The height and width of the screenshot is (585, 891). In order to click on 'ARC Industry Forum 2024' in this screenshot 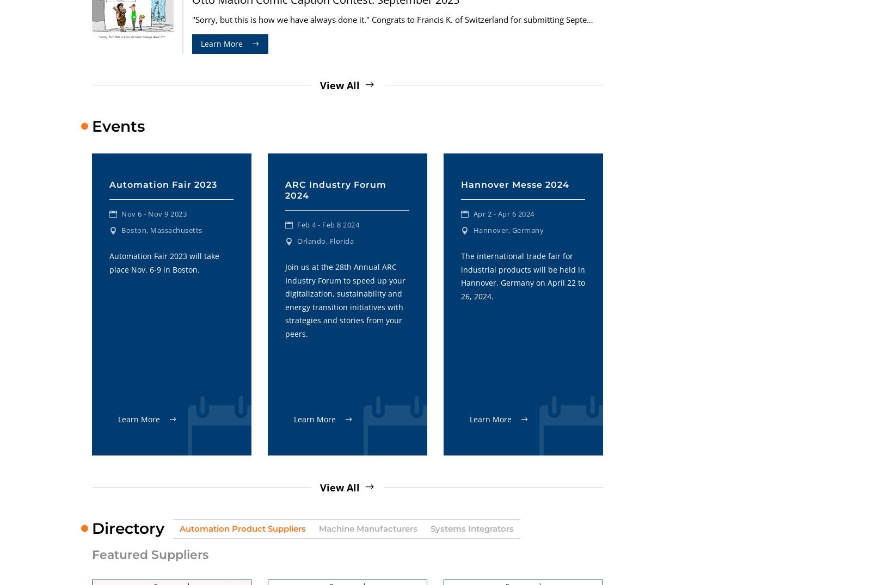, I will do `click(335, 189)`.